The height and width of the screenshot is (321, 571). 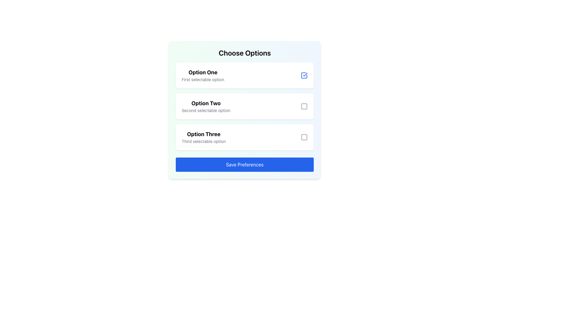 I want to click on text label element that displays 'Option Three' in bold and 'Third selectable option' in smaller gray font, positioned between 'Option Two' and the 'Save Preferences' button, so click(x=204, y=137).